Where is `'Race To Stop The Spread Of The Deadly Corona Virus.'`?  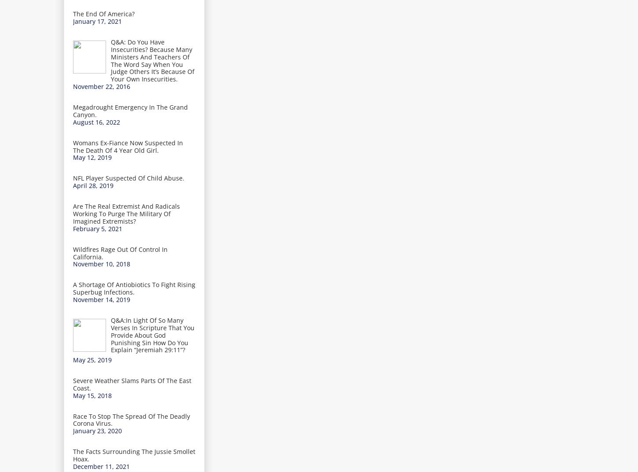
'Race To Stop The Spread Of The Deadly Corona Virus.' is located at coordinates (73, 419).